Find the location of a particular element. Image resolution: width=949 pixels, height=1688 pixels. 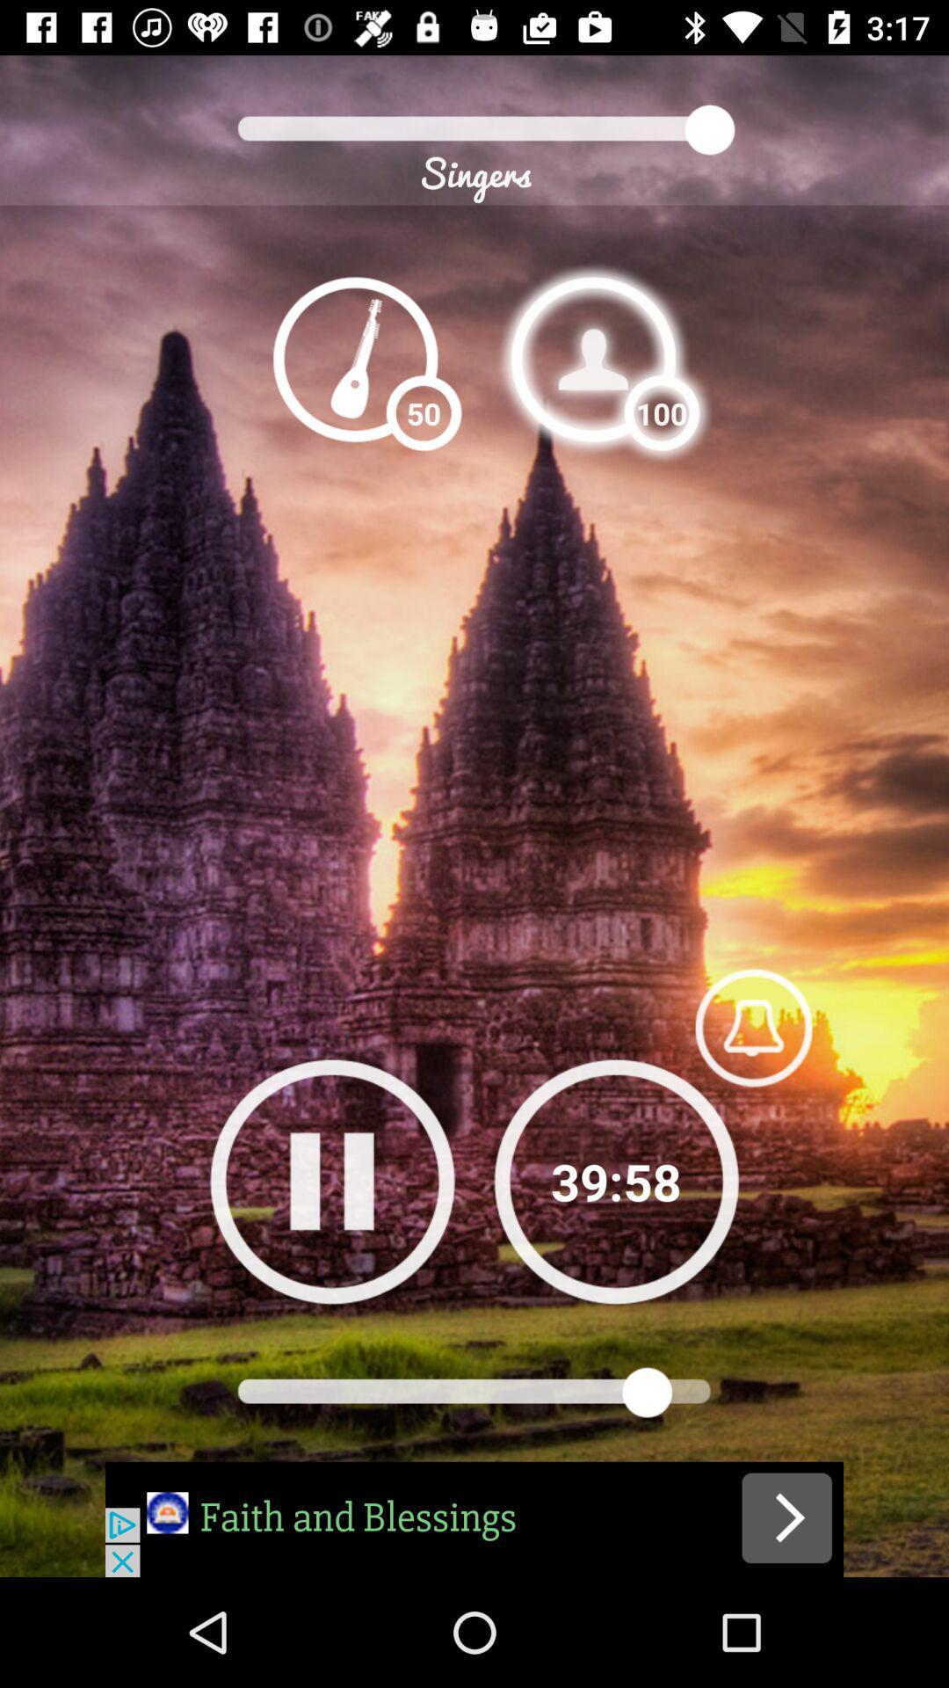

open advertisement is located at coordinates (474, 1518).